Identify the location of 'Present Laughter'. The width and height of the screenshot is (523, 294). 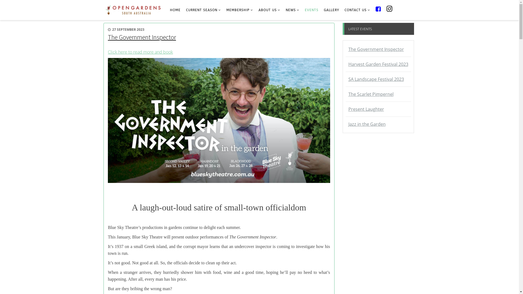
(378, 109).